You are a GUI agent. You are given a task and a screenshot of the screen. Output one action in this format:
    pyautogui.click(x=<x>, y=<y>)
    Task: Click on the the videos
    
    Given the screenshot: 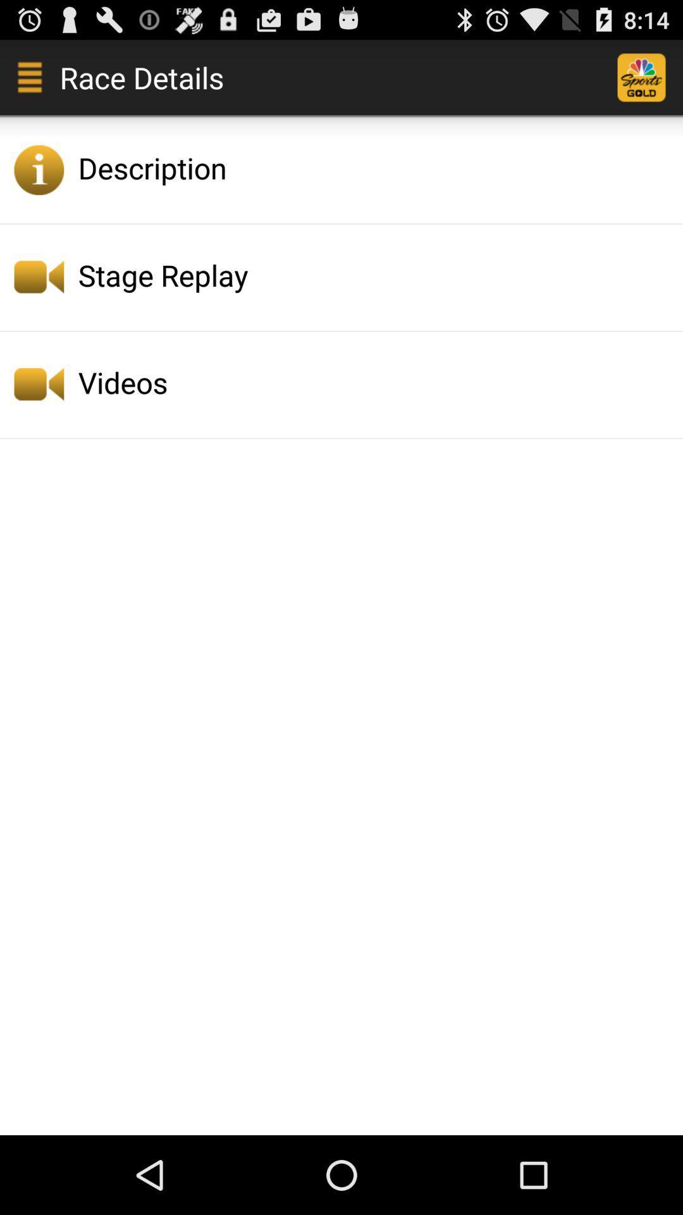 What is the action you would take?
    pyautogui.click(x=376, y=382)
    